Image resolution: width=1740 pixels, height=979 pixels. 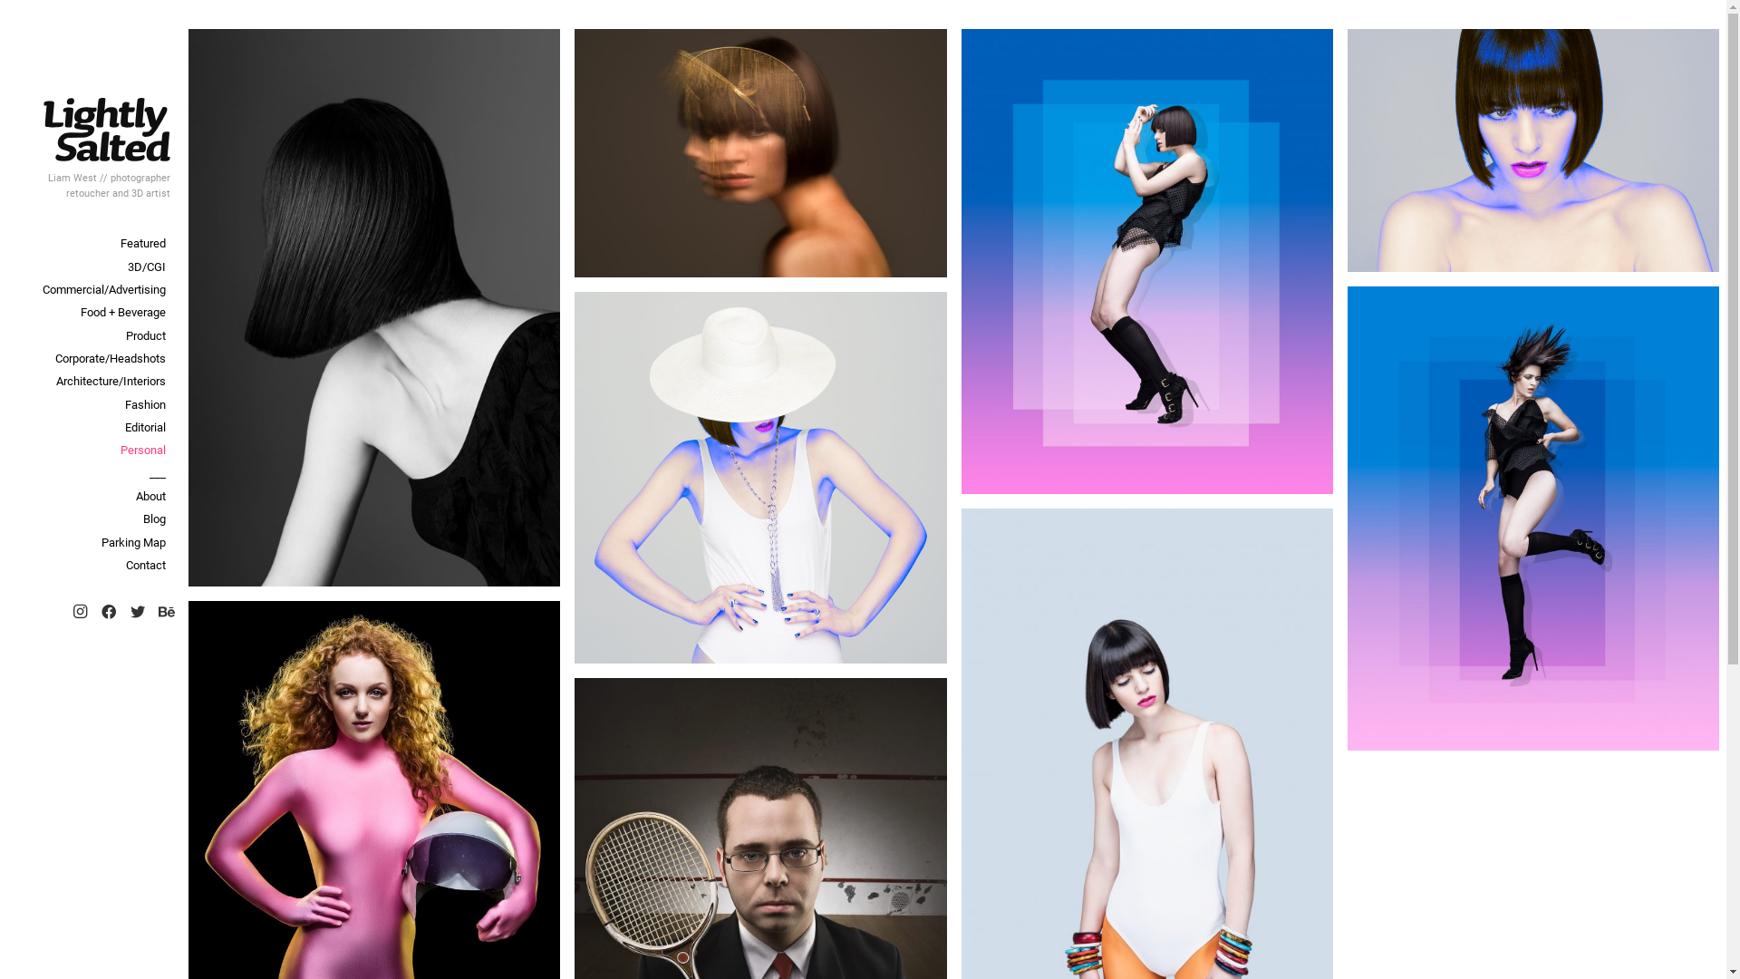 I want to click on '___', so click(x=90, y=472).